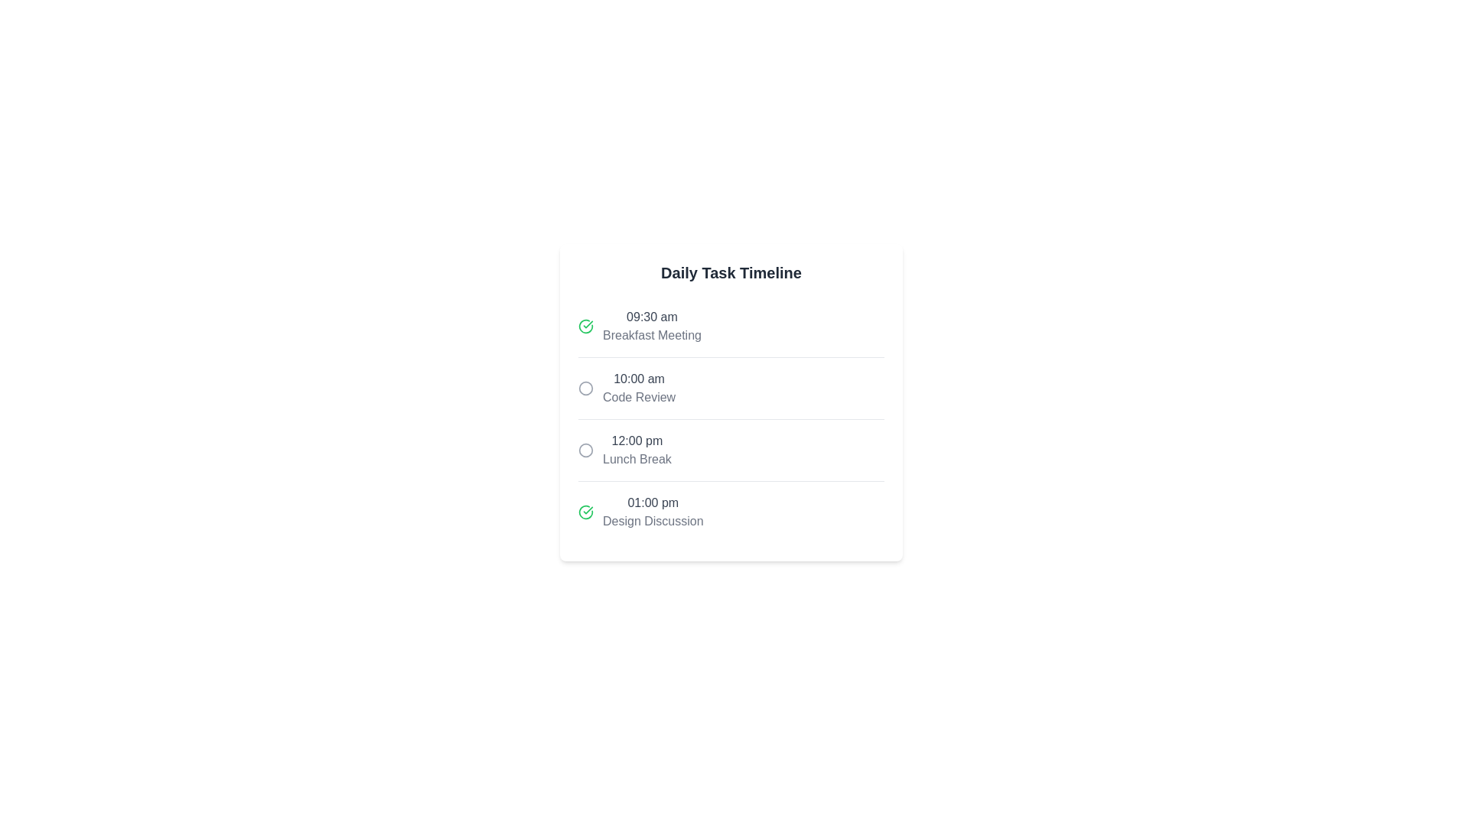  I want to click on the text label displaying '12:00 pm', which is styled in gray and is positioned between '10:00 am Code Review' and '01:00 pm Design Discussion', so click(637, 441).